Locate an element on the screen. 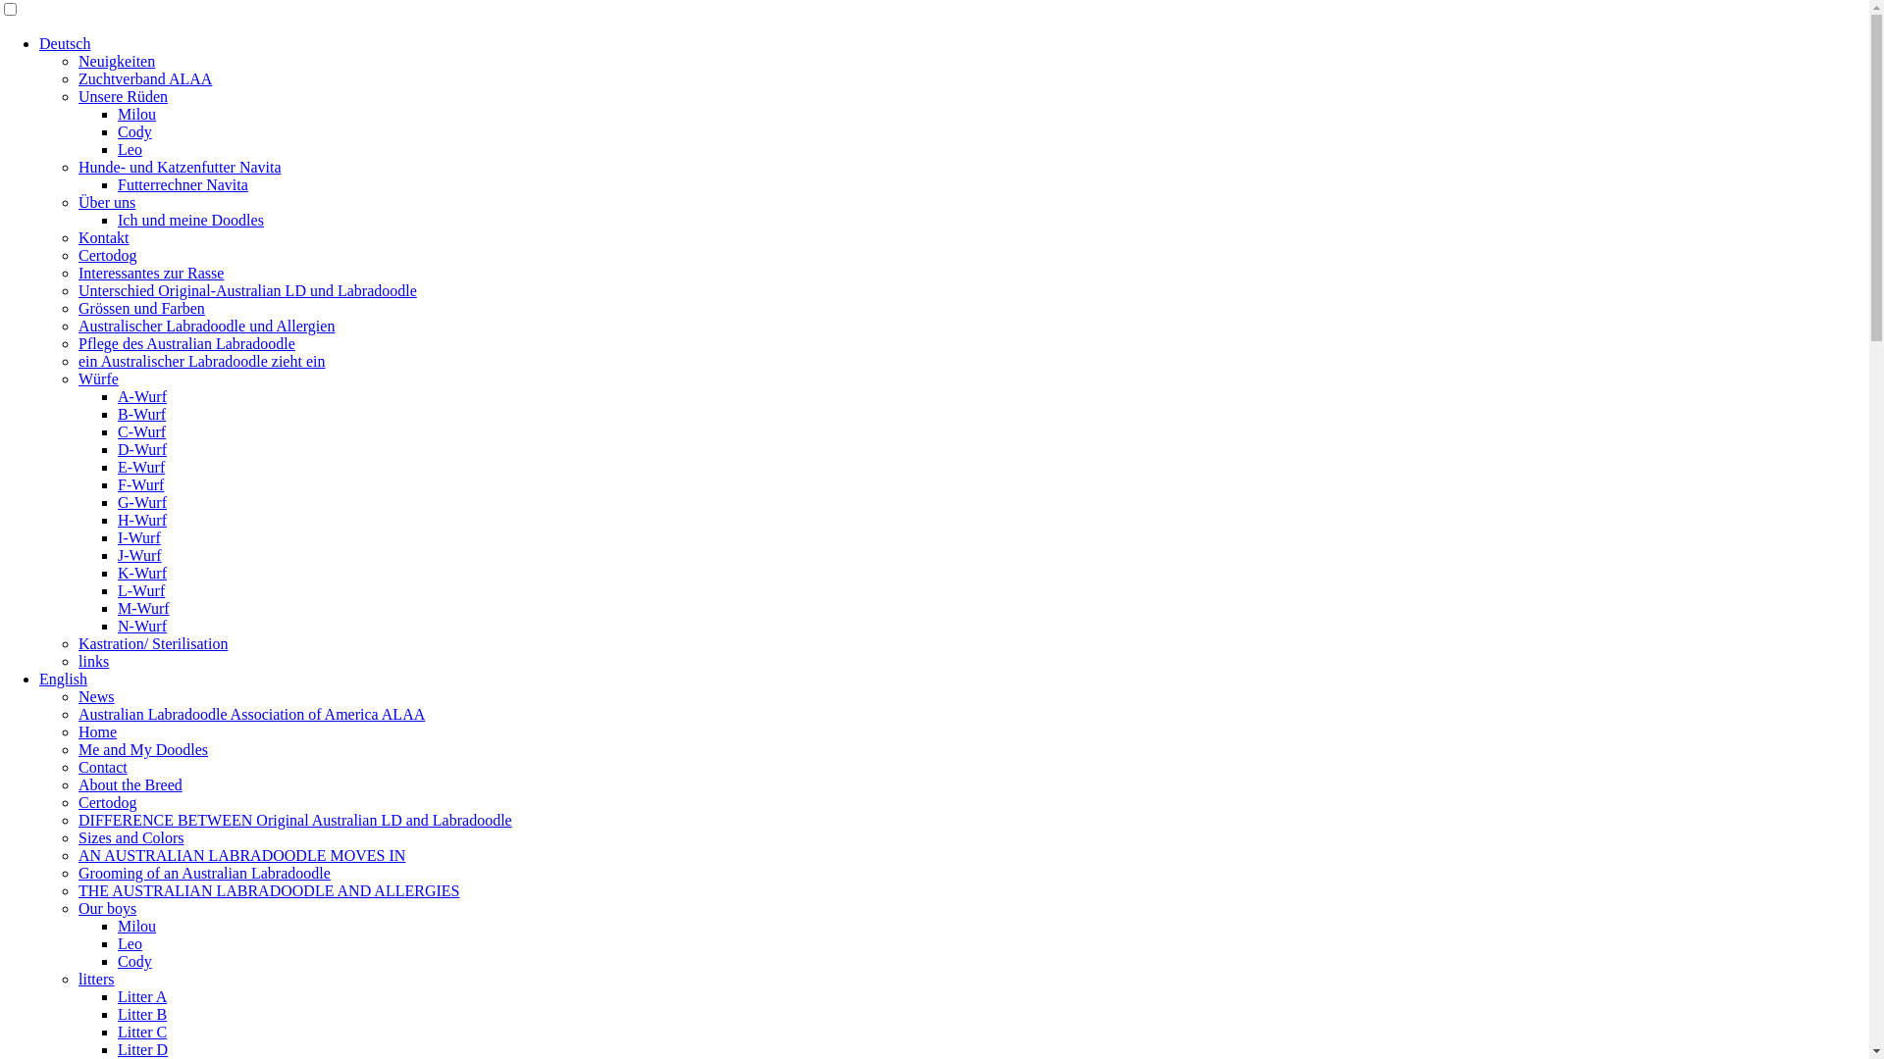  'Neuigkeiten' is located at coordinates (116, 60).